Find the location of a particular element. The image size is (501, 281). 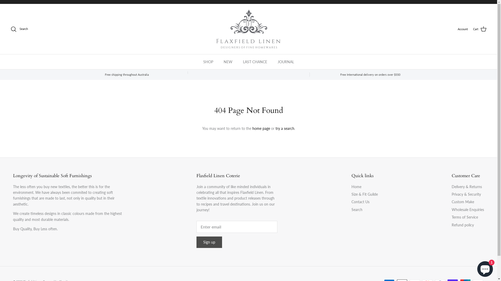

'Home' is located at coordinates (356, 186).